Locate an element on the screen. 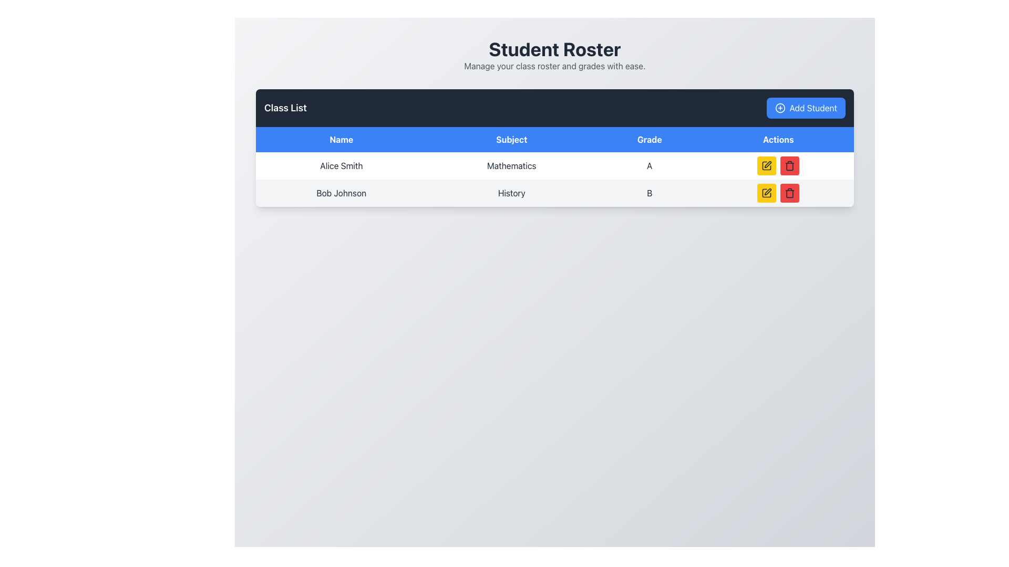 This screenshot has width=1009, height=567. the pencil icon in the 'Actions' column for the student 'Bob Johnson', which is styled as a square with rounded edges and has a yellow background with a thin black outline is located at coordinates (767, 193).